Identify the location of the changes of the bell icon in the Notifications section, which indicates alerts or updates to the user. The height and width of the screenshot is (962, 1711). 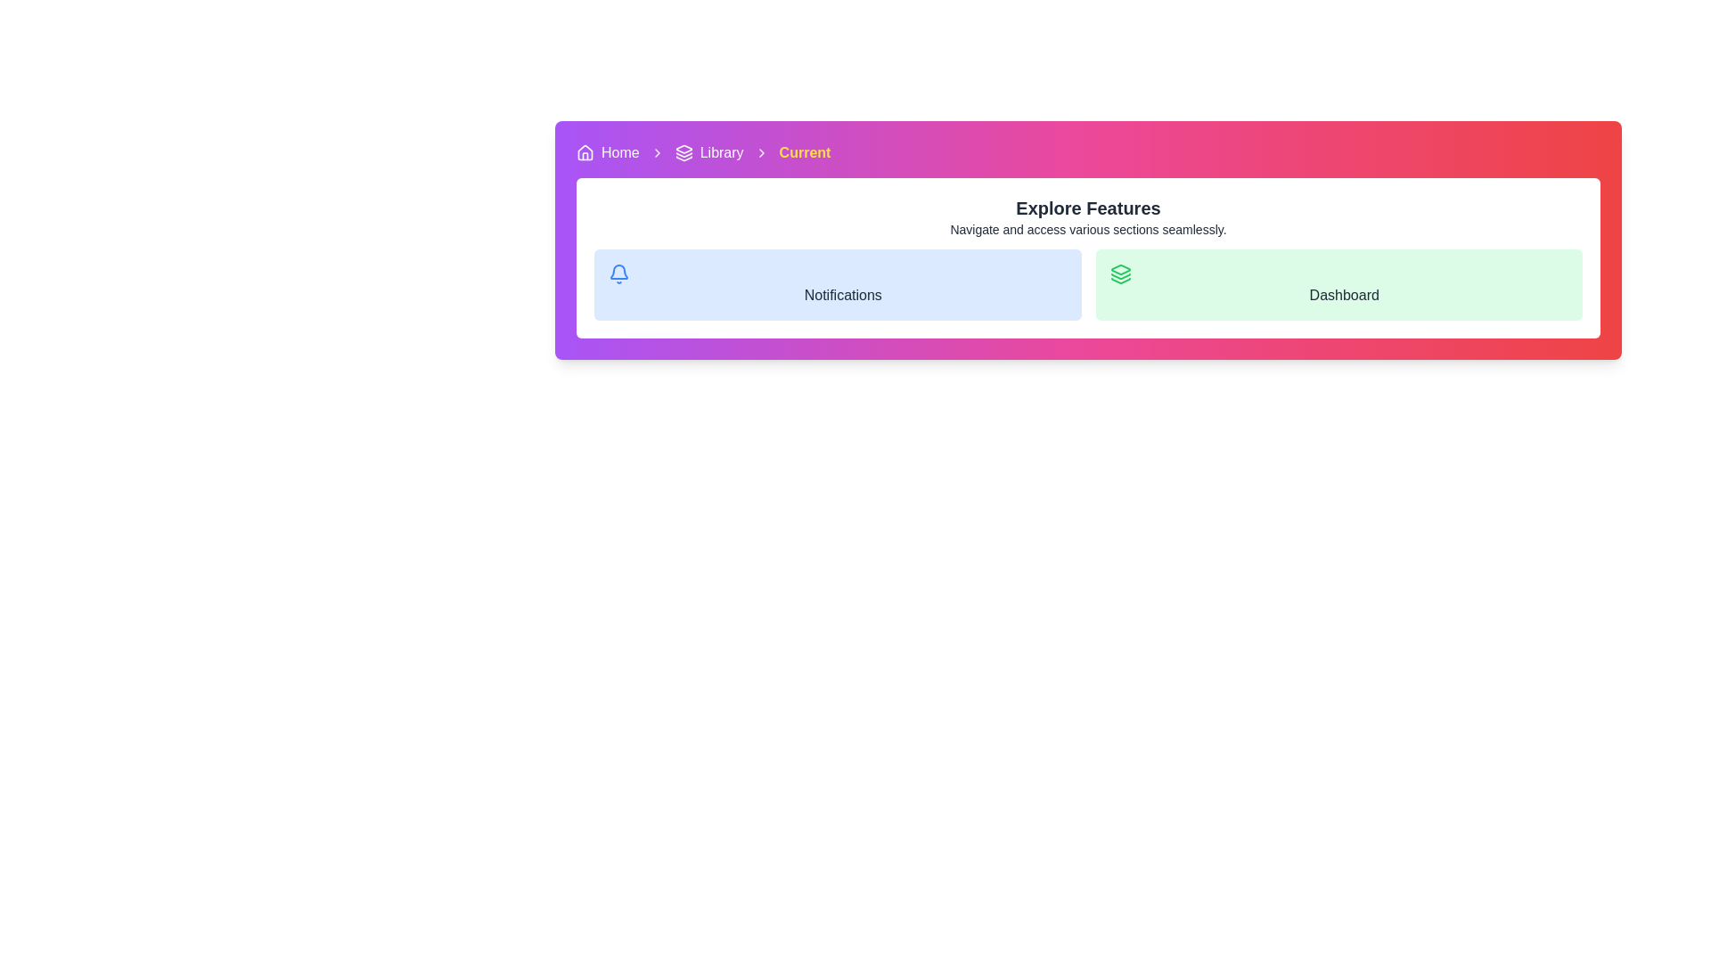
(619, 272).